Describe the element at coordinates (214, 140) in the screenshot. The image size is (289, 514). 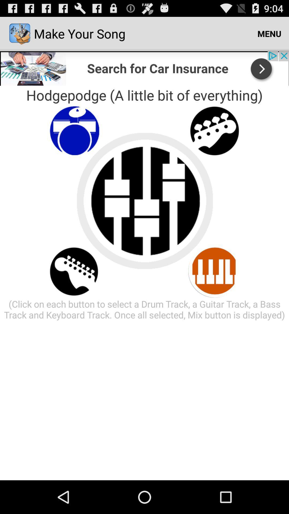
I see `the settings icon` at that location.